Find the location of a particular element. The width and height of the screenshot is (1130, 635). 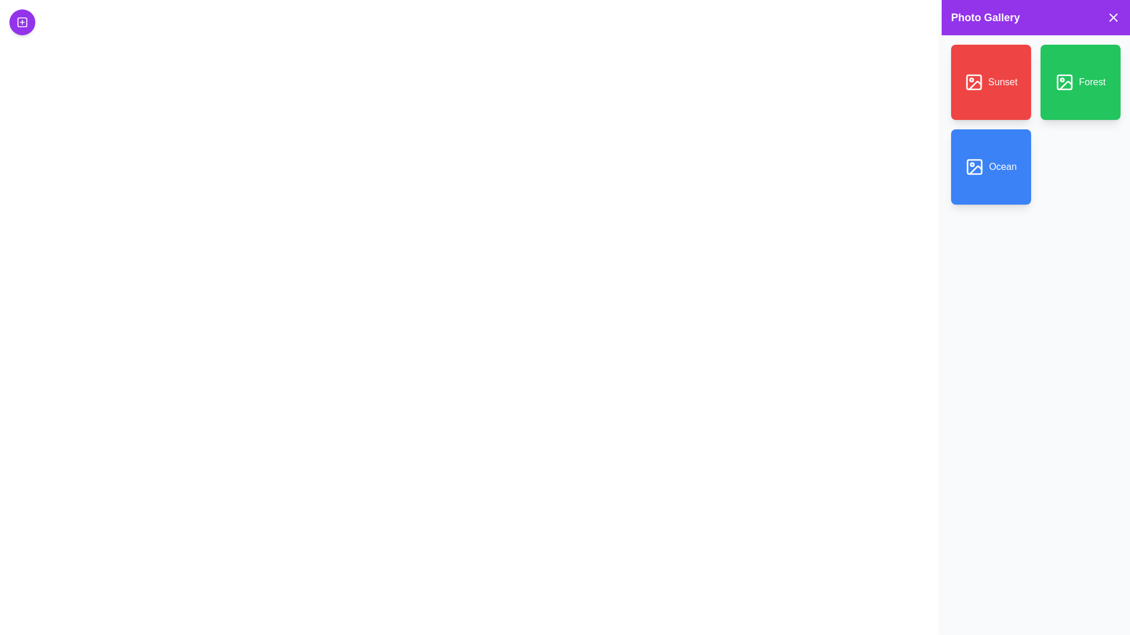

the close button in the top-right corner of the drawer is located at coordinates (1112, 18).